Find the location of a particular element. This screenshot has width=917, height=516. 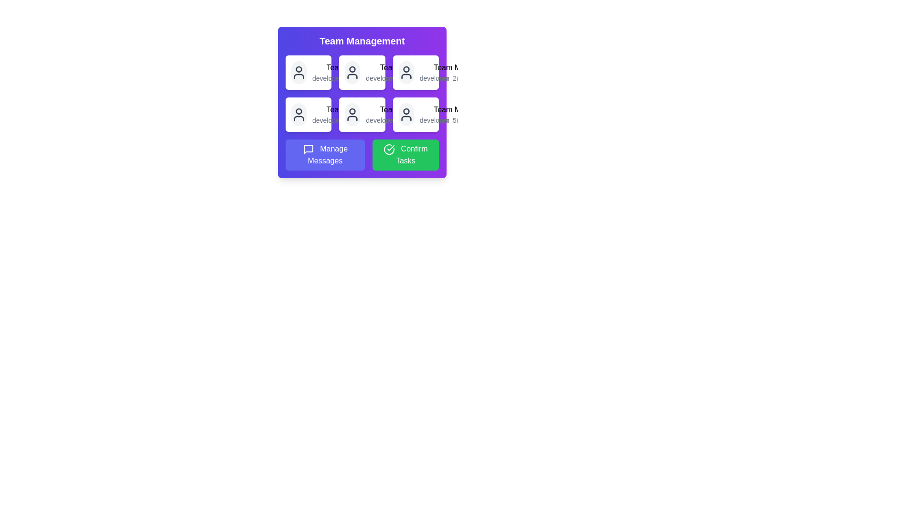

the circular head of the avatar graphic, which is styled in gray and located in the second position of the grid layout is located at coordinates (352, 69).